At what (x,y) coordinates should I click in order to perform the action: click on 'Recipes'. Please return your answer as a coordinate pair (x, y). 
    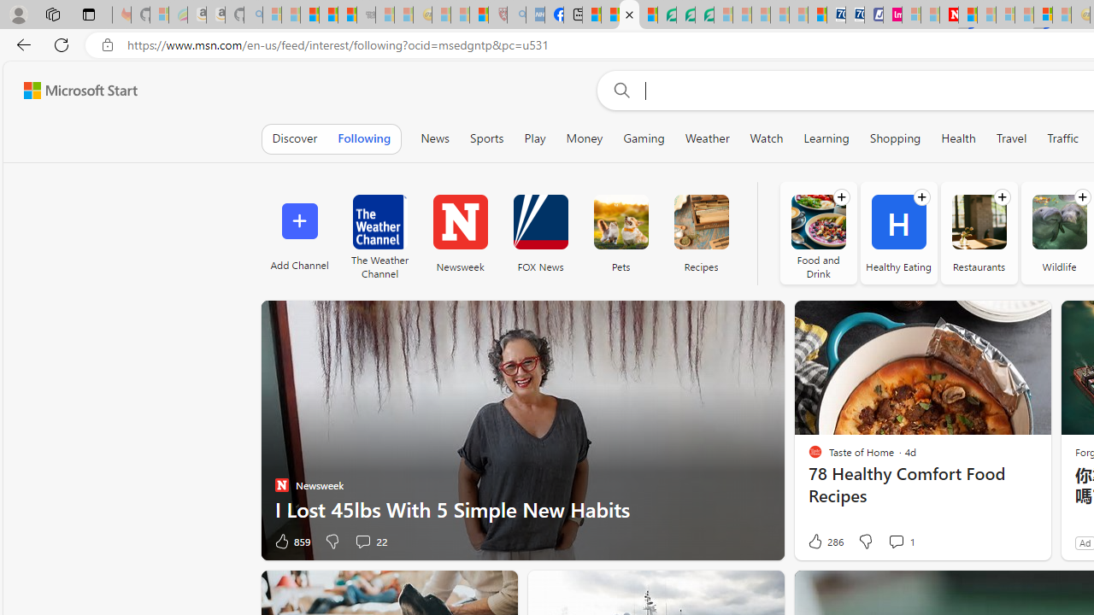
    Looking at the image, I should click on (701, 221).